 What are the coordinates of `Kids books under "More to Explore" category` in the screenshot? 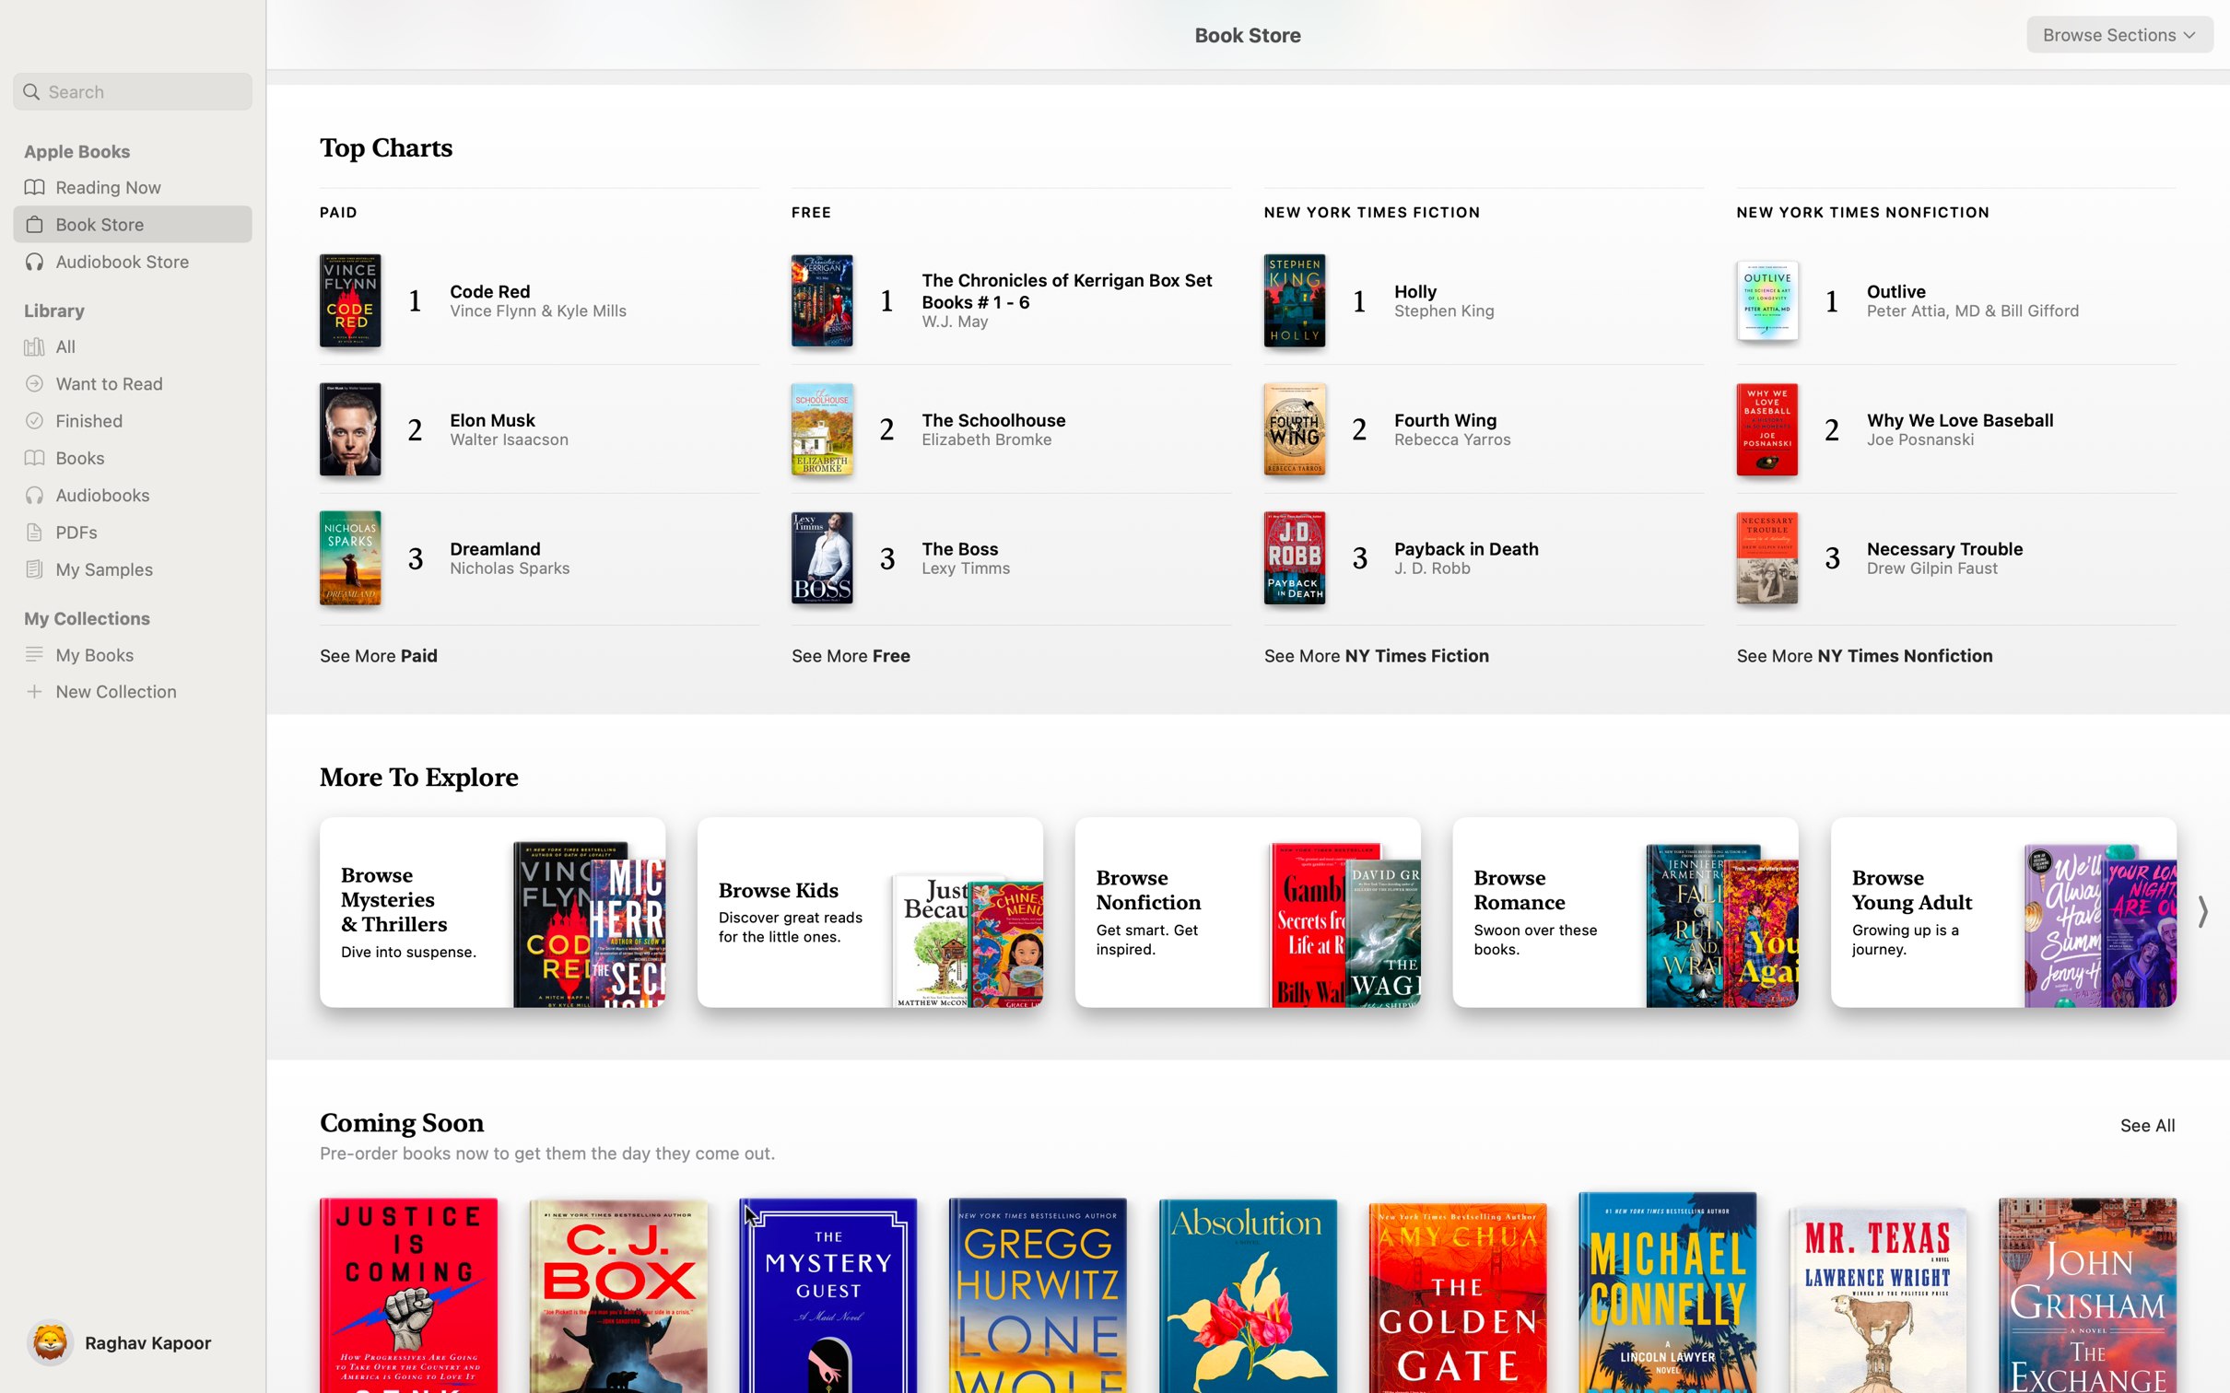 It's located at (870, 913).